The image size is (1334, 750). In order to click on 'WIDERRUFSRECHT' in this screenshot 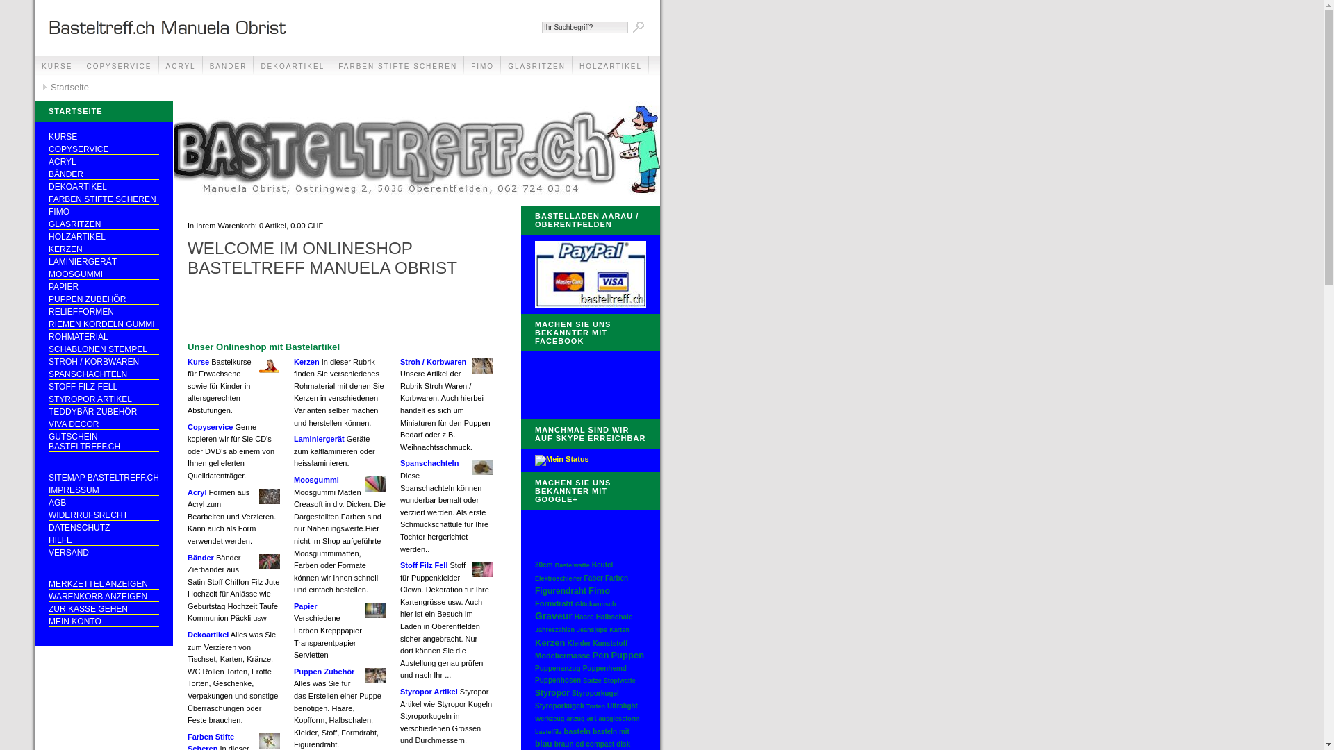, I will do `click(103, 515)`.